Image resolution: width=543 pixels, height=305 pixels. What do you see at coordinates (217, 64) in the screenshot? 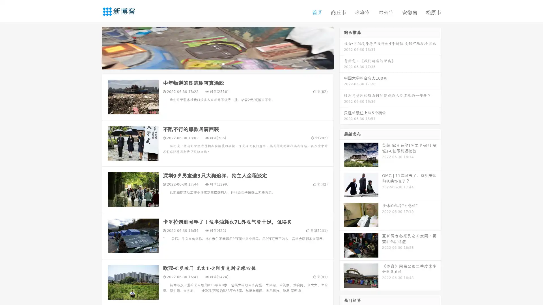
I see `Go to slide 2` at bounding box center [217, 64].